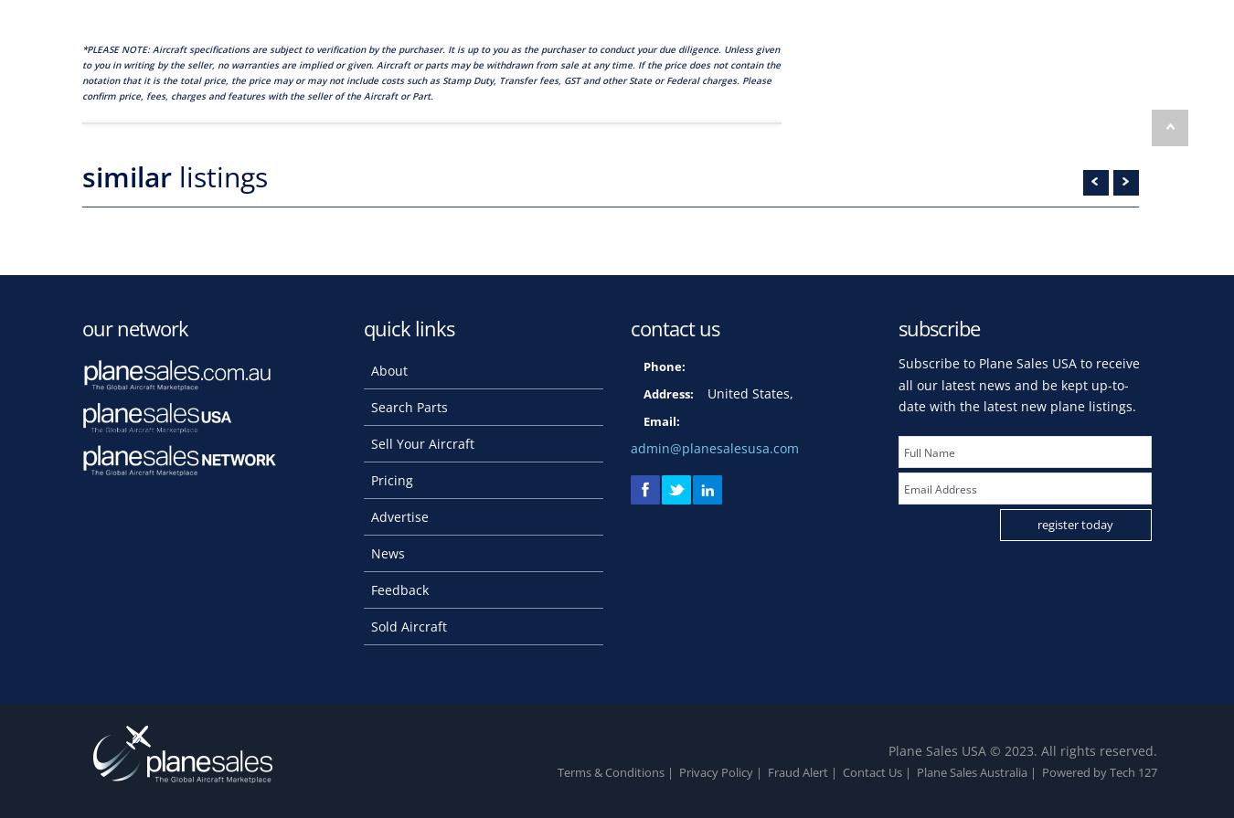 The height and width of the screenshot is (818, 1234). I want to click on 'contact us', so click(674, 327).